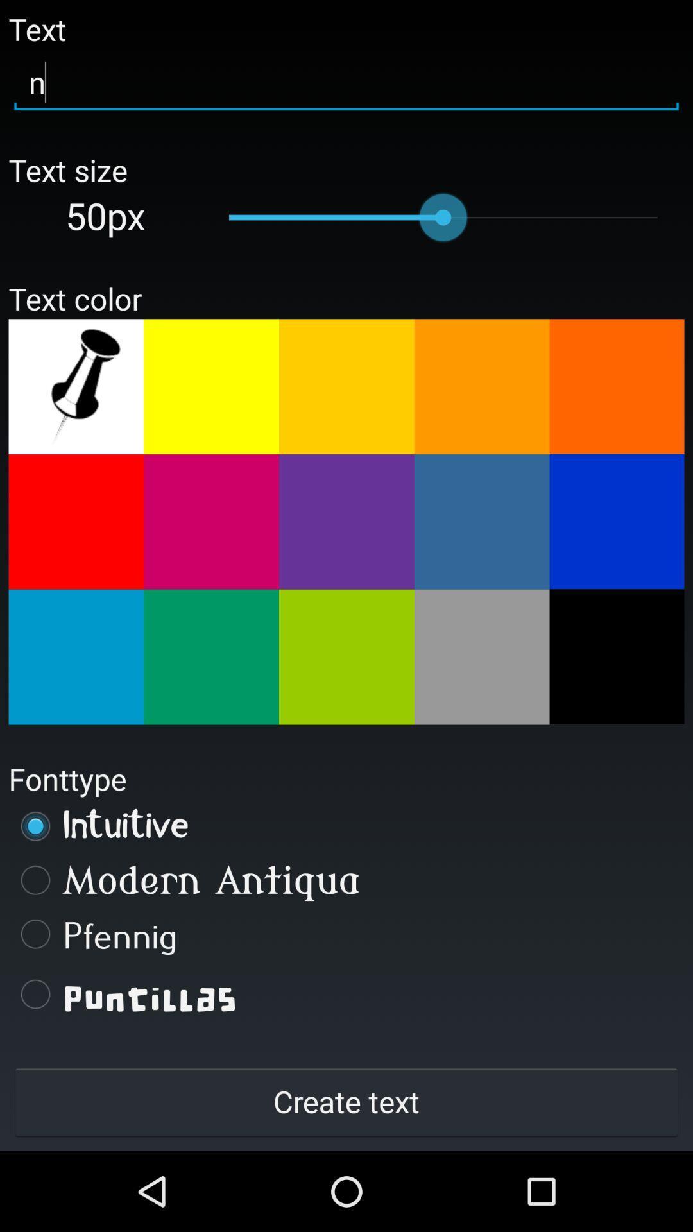  What do you see at coordinates (482, 522) in the screenshot?
I see `dusty blue text color` at bounding box center [482, 522].